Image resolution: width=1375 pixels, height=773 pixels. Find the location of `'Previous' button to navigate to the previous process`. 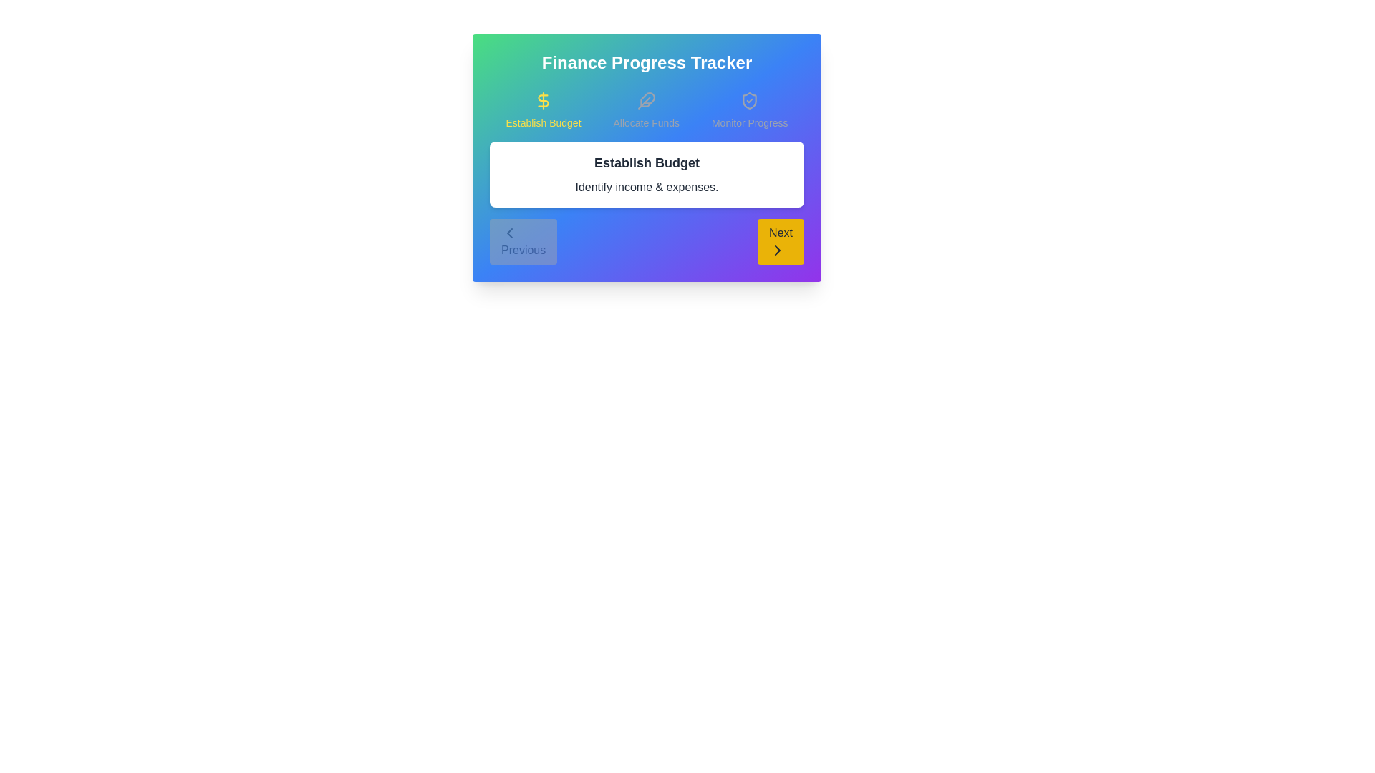

'Previous' button to navigate to the previous process is located at coordinates (523, 241).